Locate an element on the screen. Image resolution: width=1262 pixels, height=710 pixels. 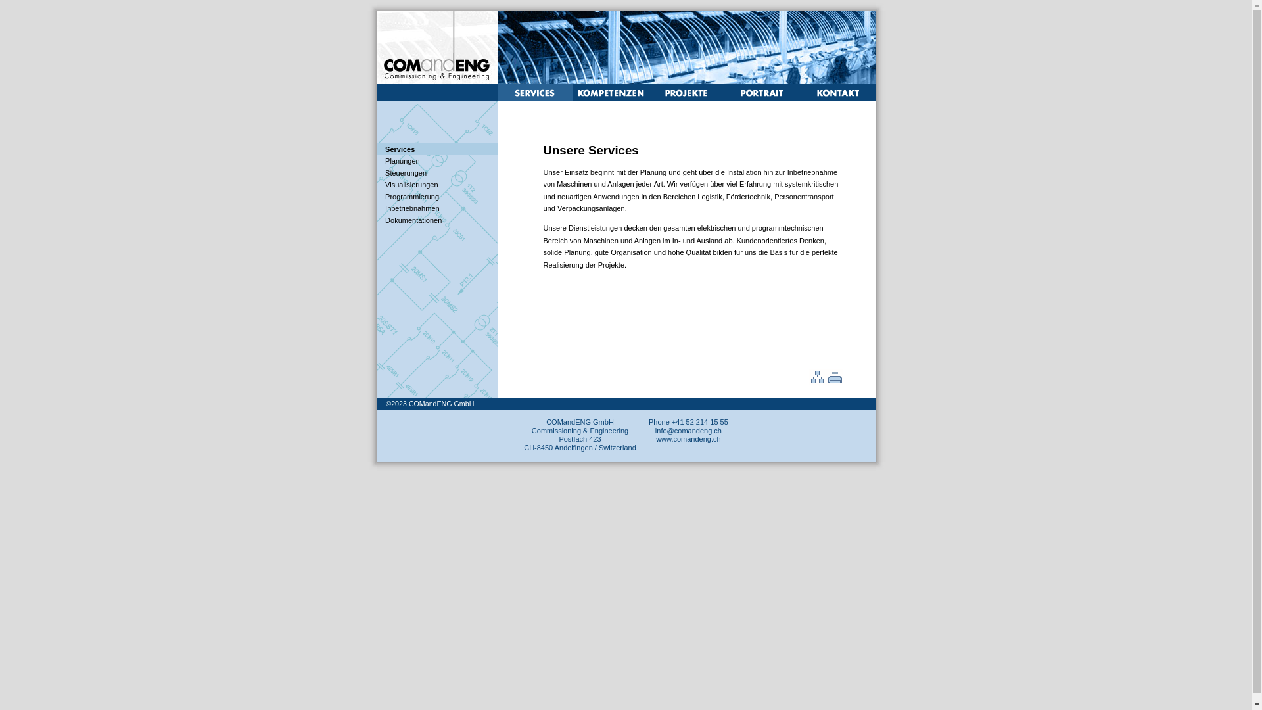
'info@comandeng.ch' is located at coordinates (688, 431).